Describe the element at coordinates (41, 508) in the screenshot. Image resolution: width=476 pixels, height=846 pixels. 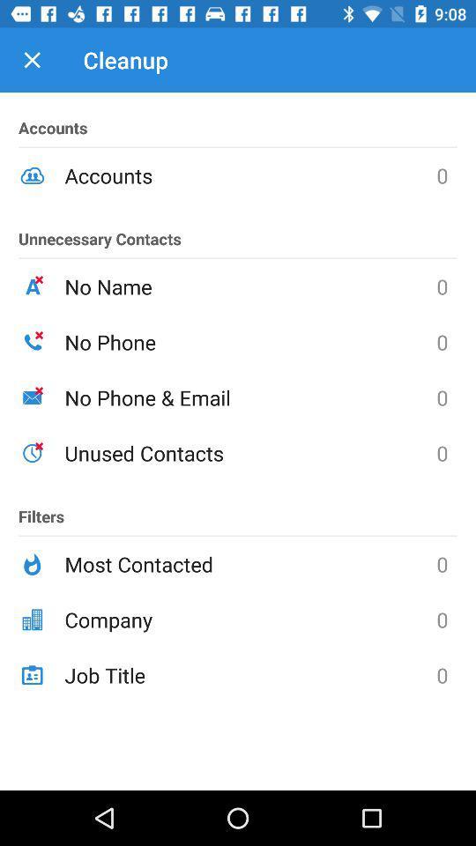
I see `the icon to the left of unused contacts` at that location.